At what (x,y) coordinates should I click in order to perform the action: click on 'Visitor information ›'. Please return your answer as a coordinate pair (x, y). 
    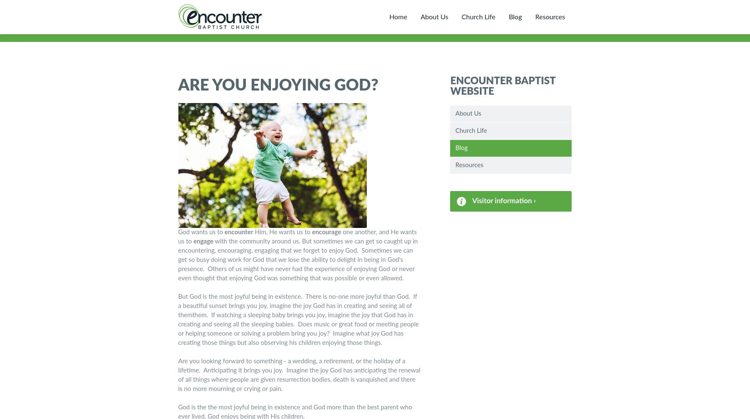
    Looking at the image, I should click on (503, 200).